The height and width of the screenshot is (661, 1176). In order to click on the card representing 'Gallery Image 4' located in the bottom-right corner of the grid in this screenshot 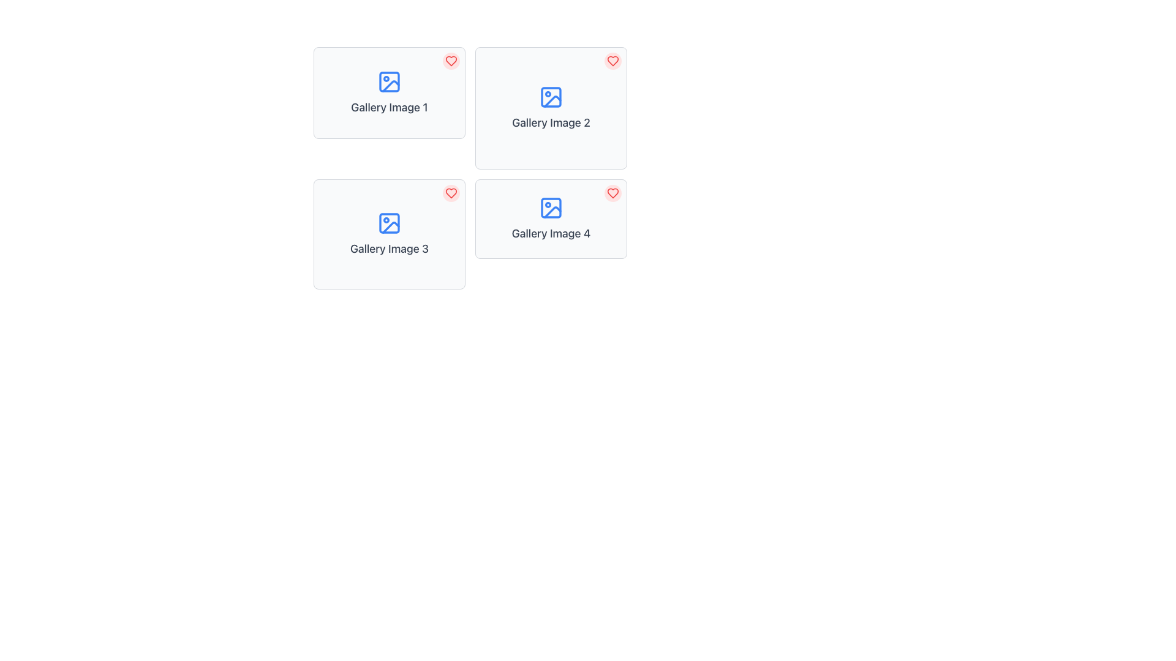, I will do `click(551, 218)`.